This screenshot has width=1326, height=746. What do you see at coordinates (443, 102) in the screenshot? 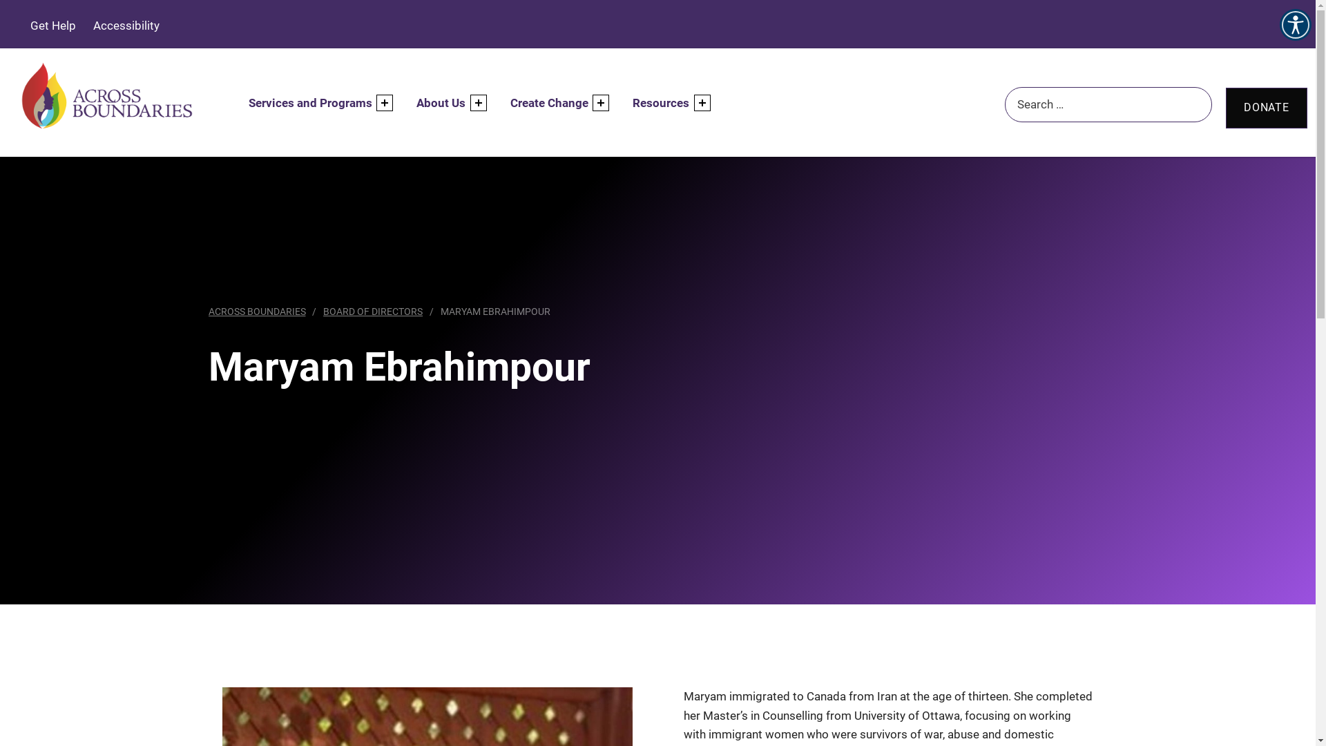
I see `'About Us'` at bounding box center [443, 102].